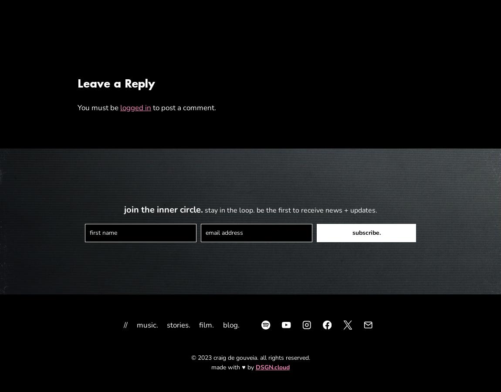  I want to click on 'music.', so click(136, 324).